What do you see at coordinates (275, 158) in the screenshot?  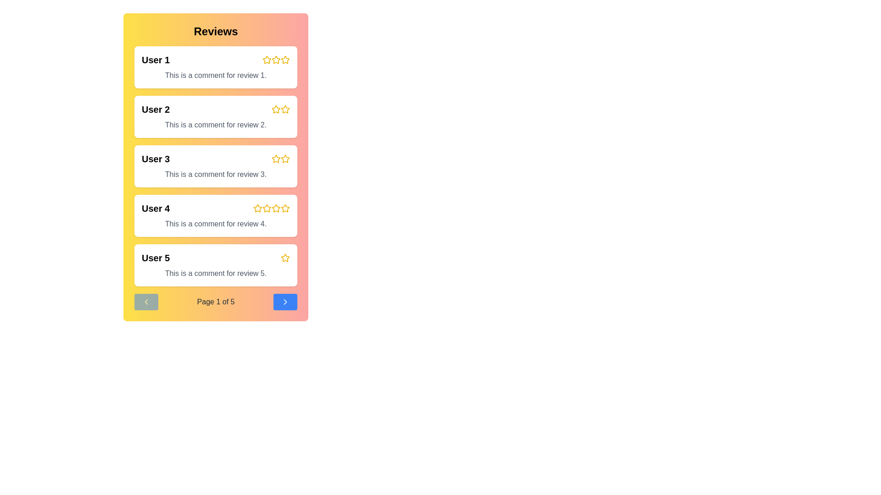 I see `the third star in the set of five stars for the third review entry in the 'Reviews' section` at bounding box center [275, 158].